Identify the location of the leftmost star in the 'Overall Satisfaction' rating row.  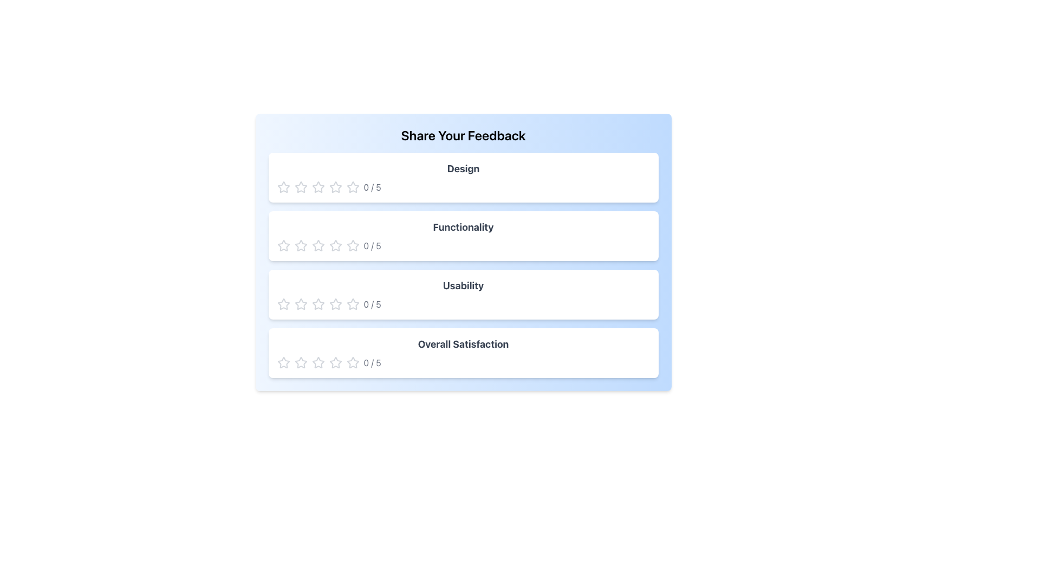
(317, 362).